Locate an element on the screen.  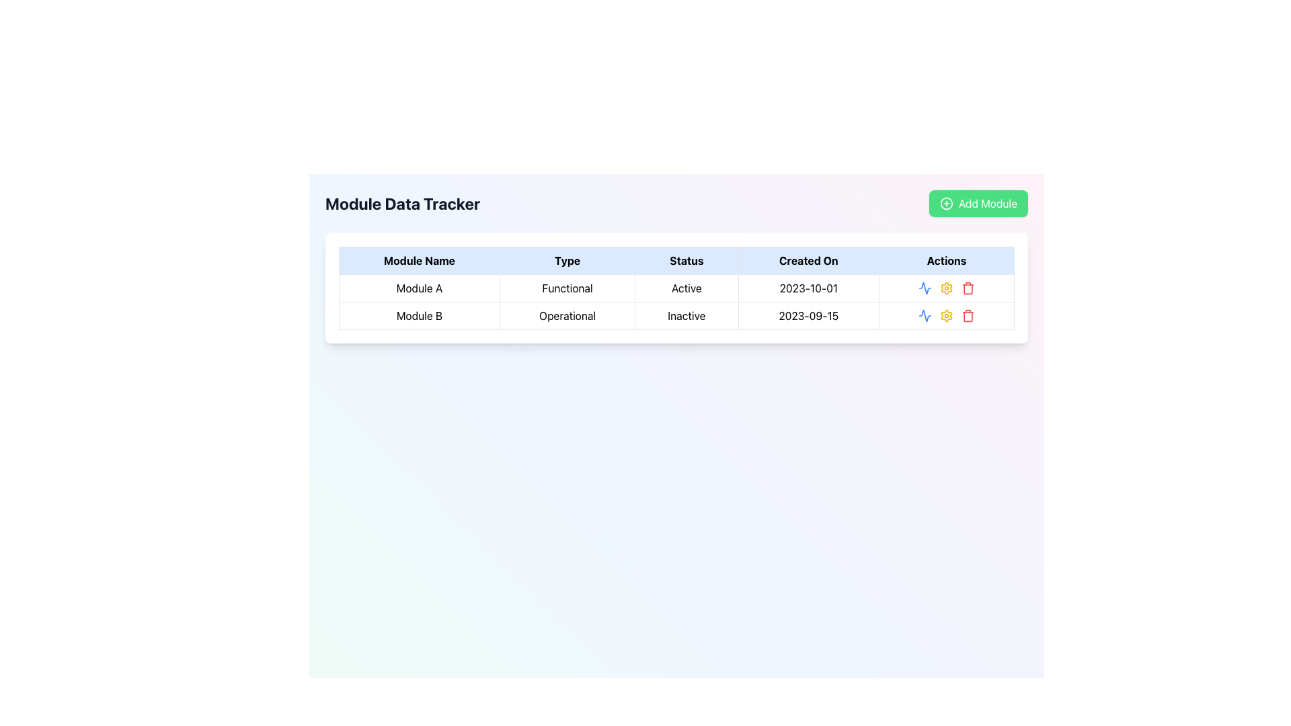
the static text displaying the date '2023-10-01' located in the fourth column of the first row under the header 'Created On' in a structured data table is located at coordinates (808, 287).